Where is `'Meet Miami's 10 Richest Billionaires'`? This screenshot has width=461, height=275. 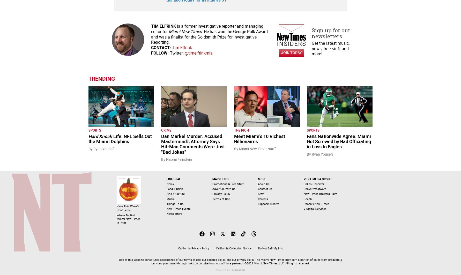 'Meet Miami's 10 Richest Billionaires' is located at coordinates (234, 139).